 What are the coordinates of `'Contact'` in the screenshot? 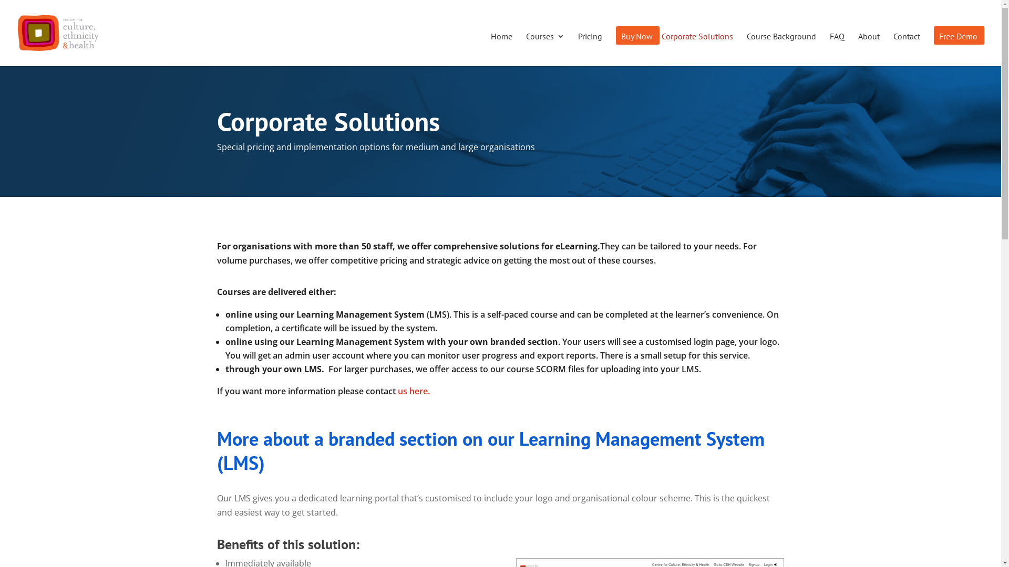 It's located at (906, 49).